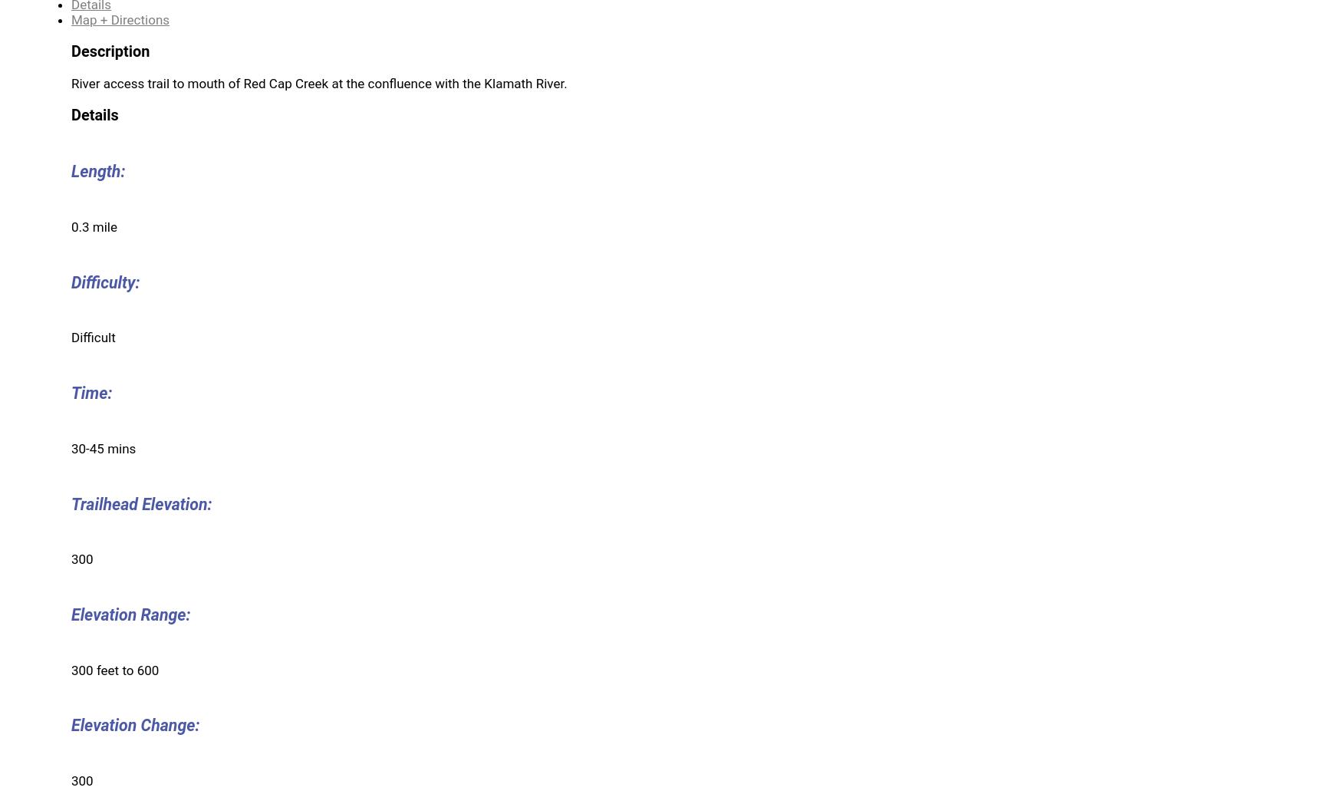  Describe the element at coordinates (71, 19) in the screenshot. I see `'Map + Directions'` at that location.